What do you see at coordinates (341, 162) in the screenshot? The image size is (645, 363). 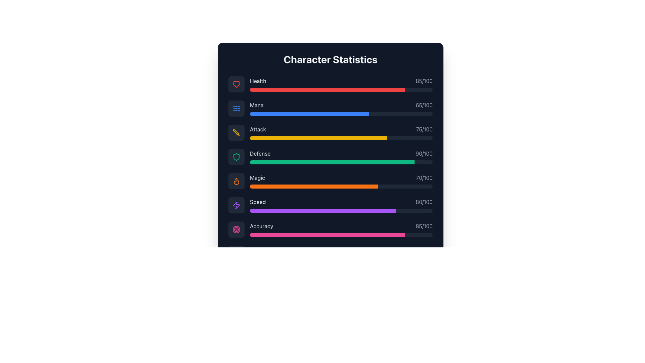 I see `the horizontal progress bar associated with the 'Defense' label, which has a dark gray background and a green internal bar indicating progress` at bounding box center [341, 162].